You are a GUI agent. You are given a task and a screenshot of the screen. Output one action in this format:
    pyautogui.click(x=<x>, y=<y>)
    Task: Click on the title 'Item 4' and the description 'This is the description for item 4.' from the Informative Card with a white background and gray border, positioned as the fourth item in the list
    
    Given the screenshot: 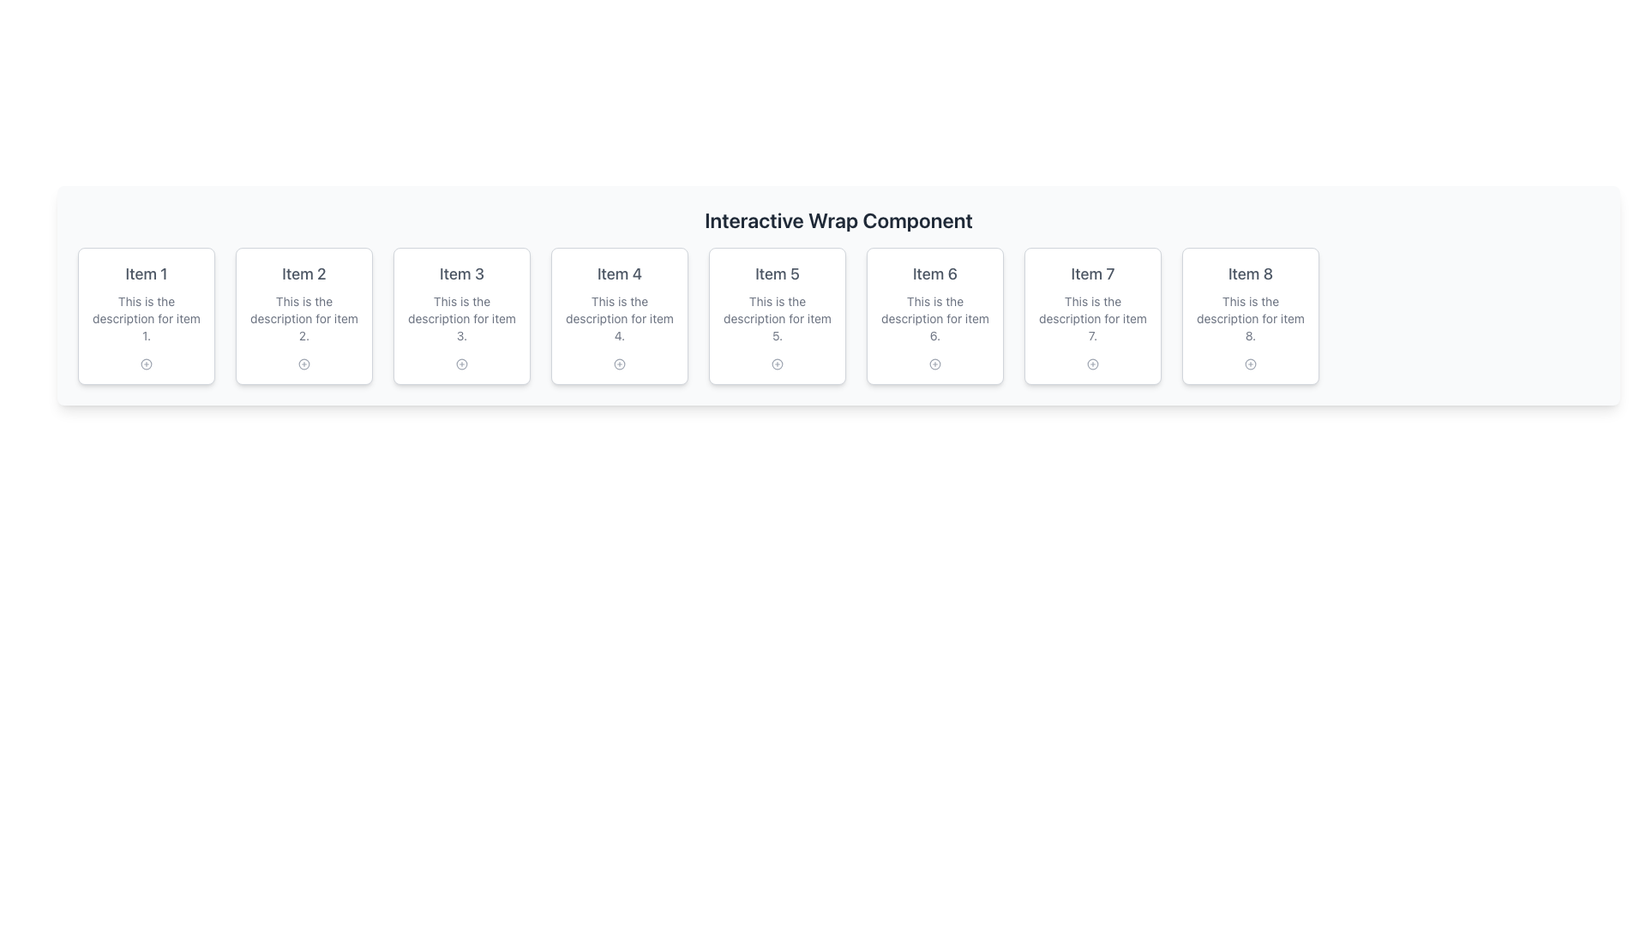 What is the action you would take?
    pyautogui.click(x=619, y=316)
    